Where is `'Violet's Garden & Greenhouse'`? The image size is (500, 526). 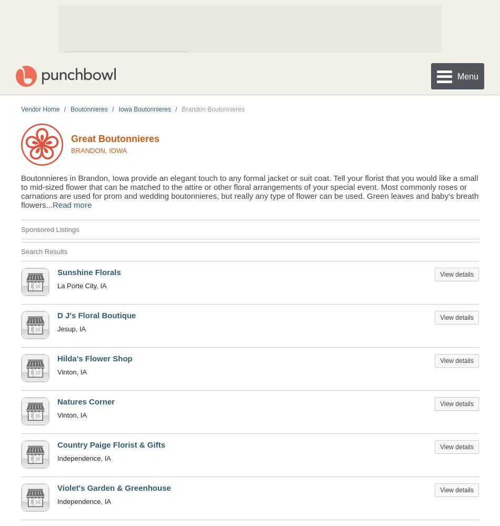
'Violet's Garden & Greenhouse' is located at coordinates (57, 487).